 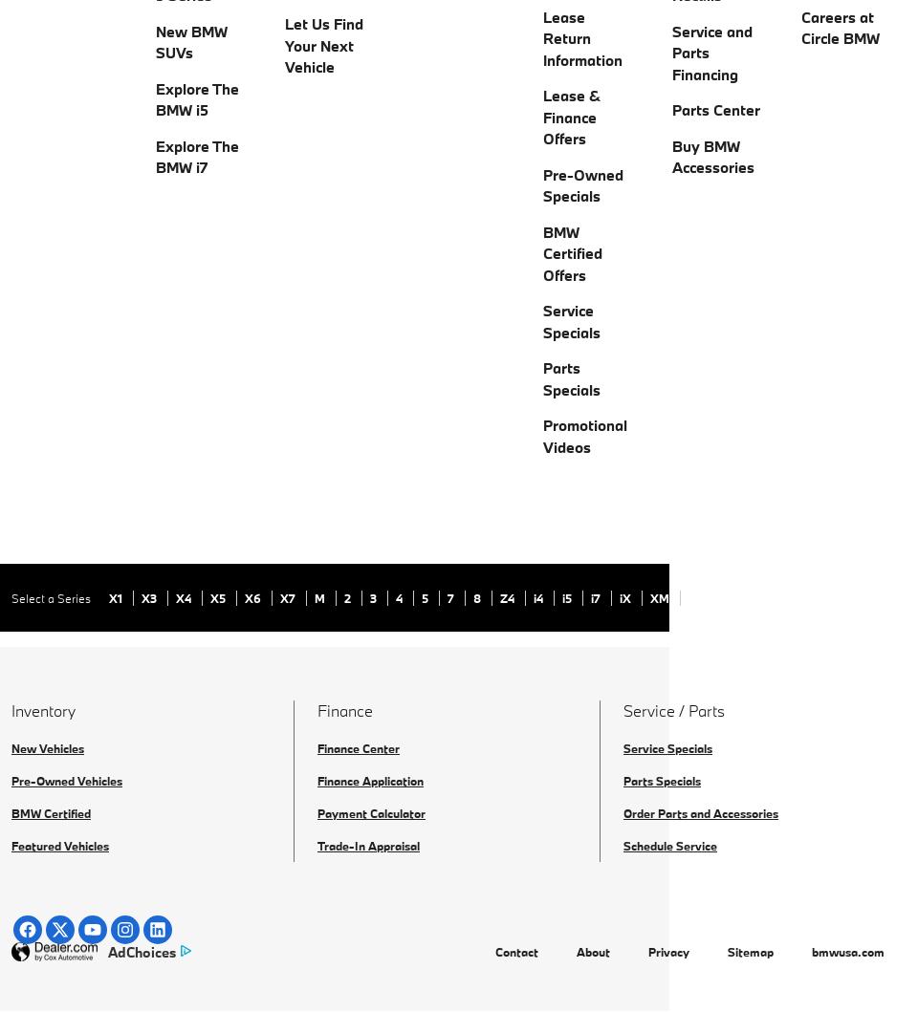 What do you see at coordinates (712, 155) in the screenshot?
I see `'Buy BMW Accessories'` at bounding box center [712, 155].